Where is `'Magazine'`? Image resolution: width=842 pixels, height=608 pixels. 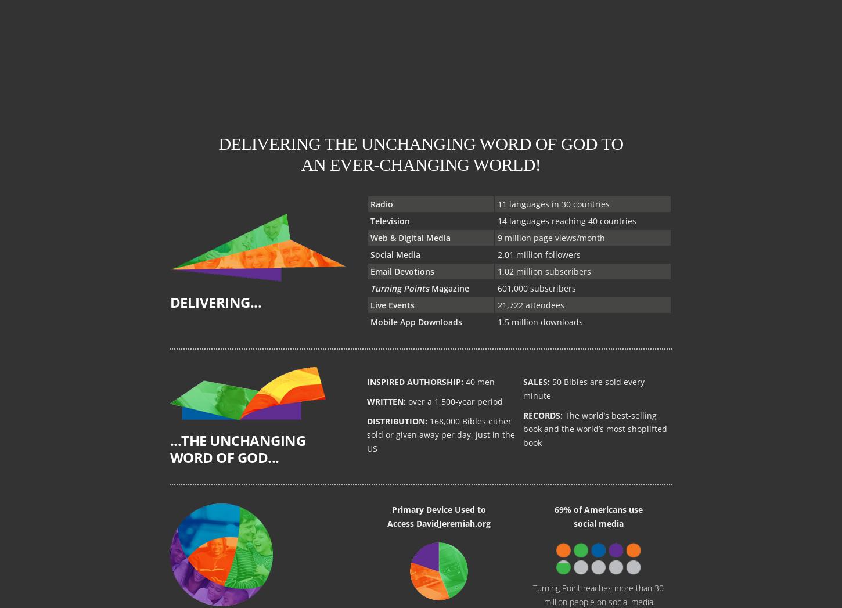
'Magazine' is located at coordinates (448, 287).